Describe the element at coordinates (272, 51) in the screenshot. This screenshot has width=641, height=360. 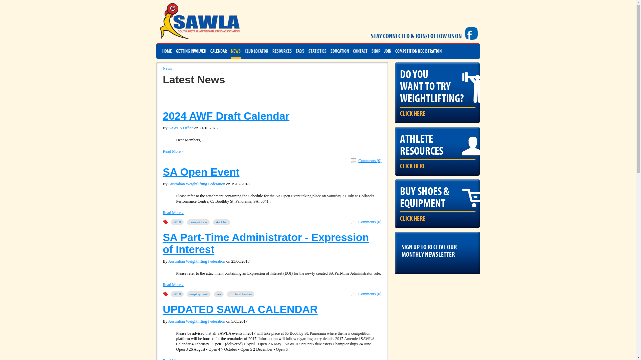
I see `'RESOURCES'` at that location.